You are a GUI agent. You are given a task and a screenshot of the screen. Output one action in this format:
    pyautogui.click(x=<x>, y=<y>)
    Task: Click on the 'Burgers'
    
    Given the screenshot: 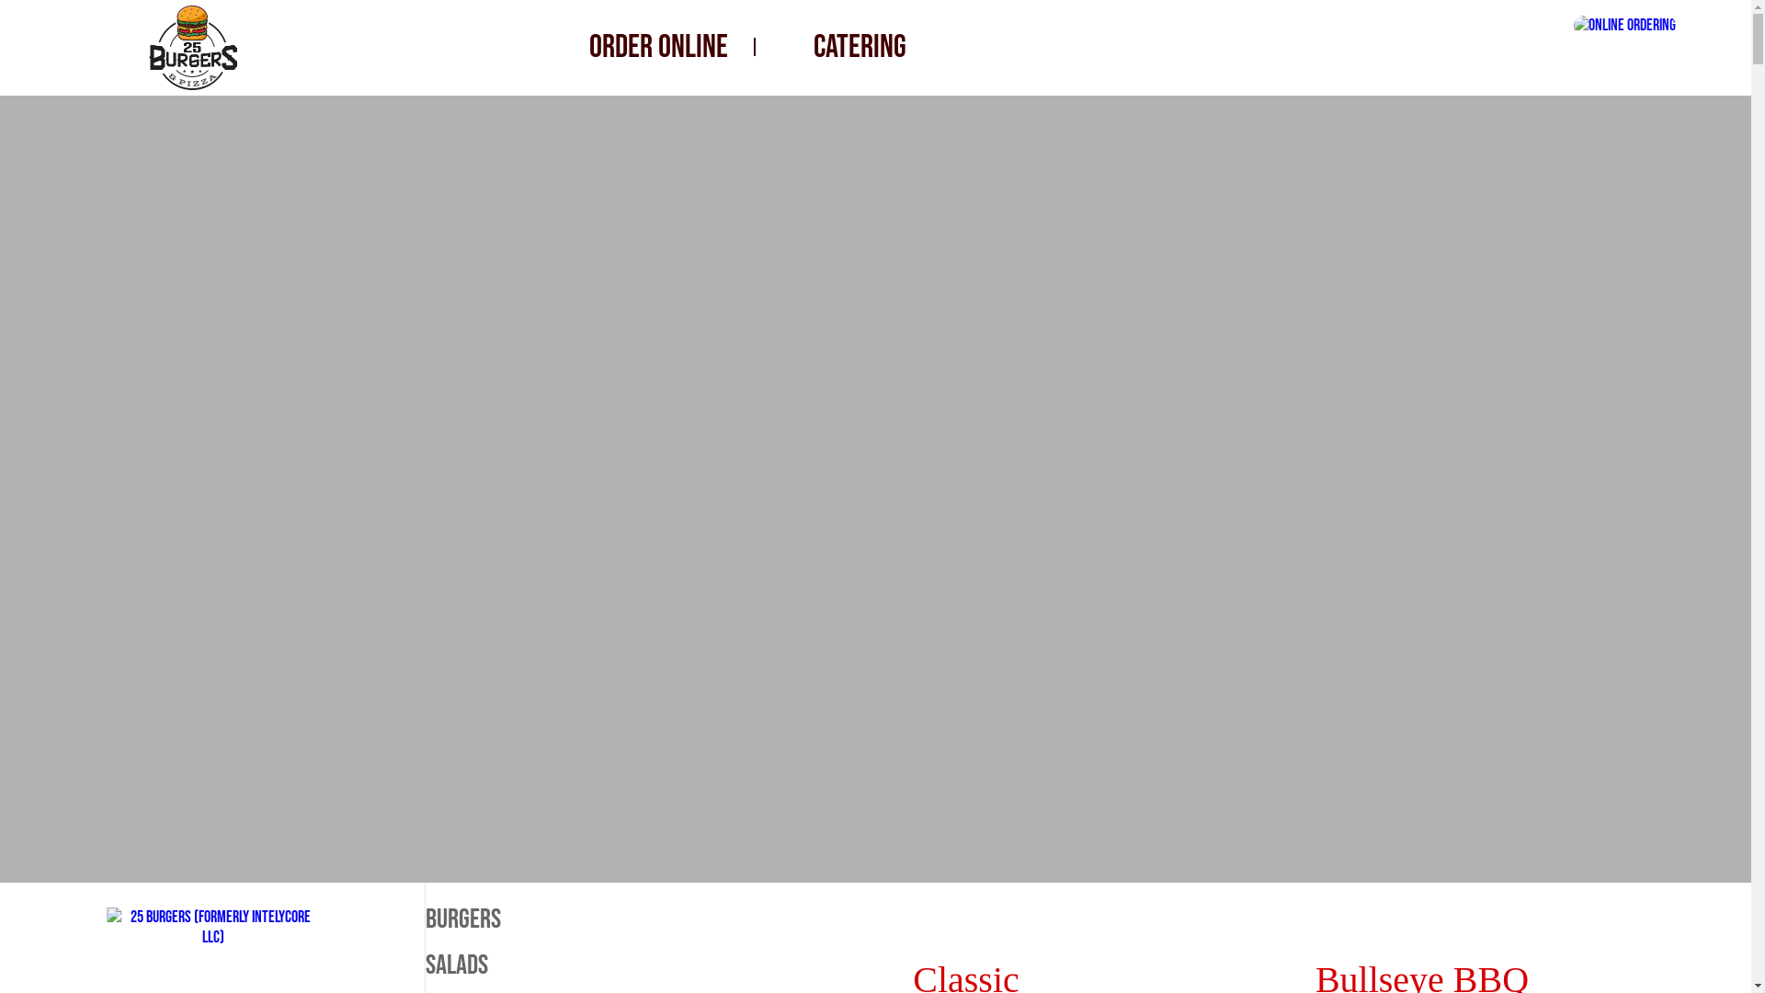 What is the action you would take?
    pyautogui.click(x=529, y=919)
    